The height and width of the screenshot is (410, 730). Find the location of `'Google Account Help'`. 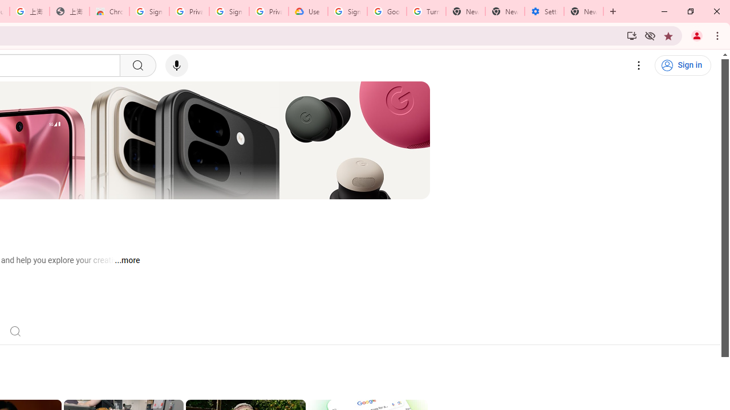

'Google Account Help' is located at coordinates (387, 11).